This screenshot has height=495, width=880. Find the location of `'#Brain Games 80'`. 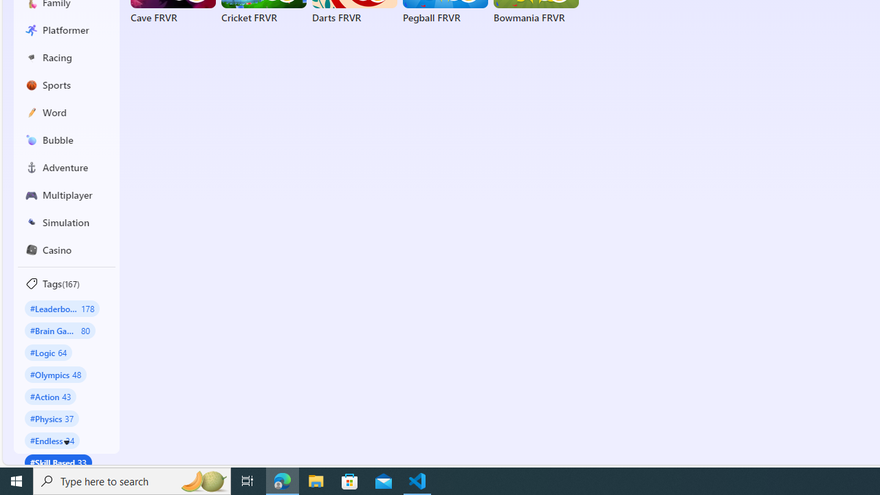

'#Brain Games 80' is located at coordinates (59, 330).